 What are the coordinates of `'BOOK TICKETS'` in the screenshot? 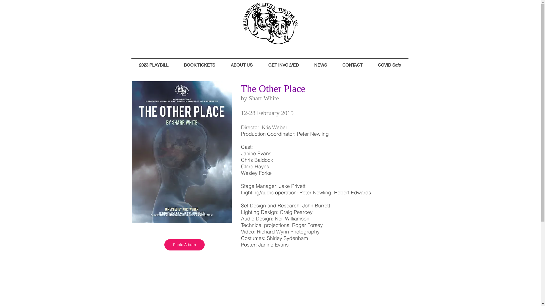 It's located at (199, 65).